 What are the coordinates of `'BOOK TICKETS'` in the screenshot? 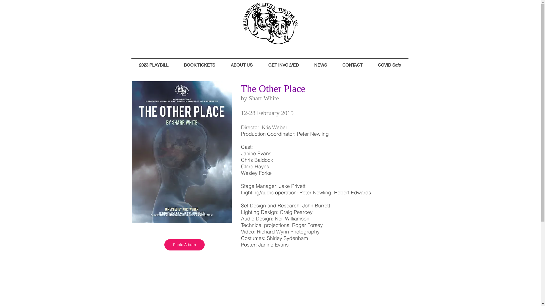 It's located at (199, 65).